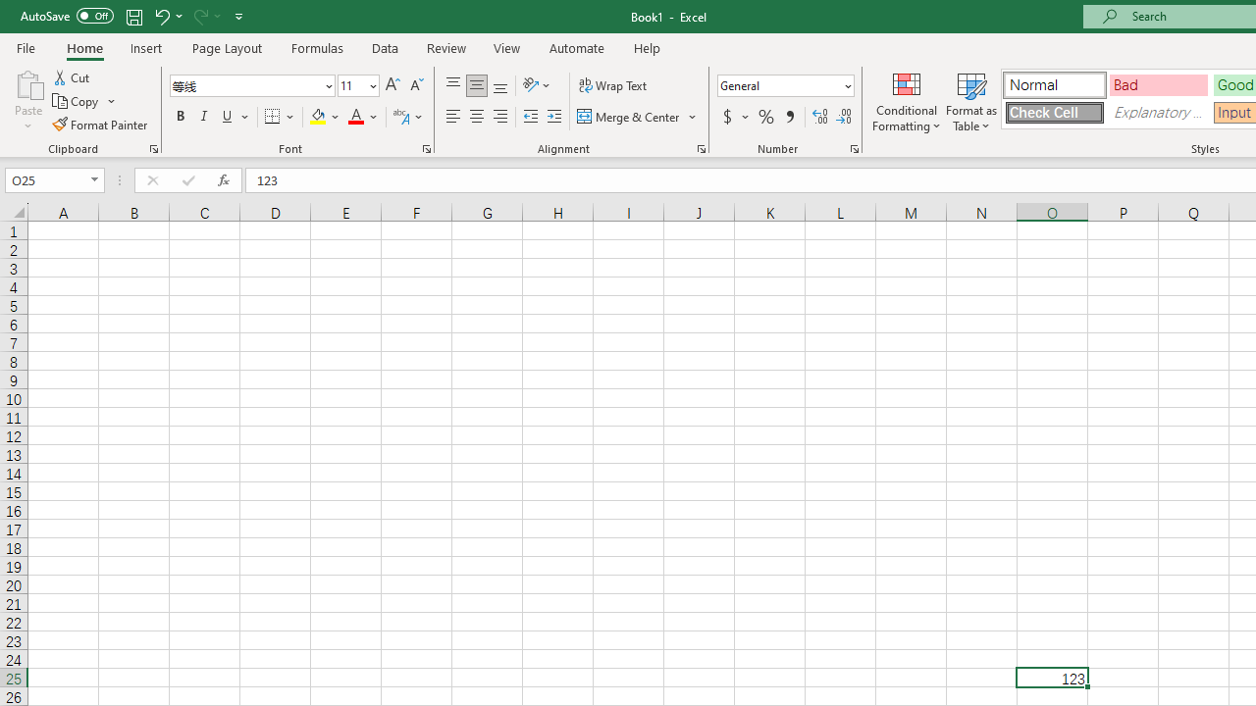  What do you see at coordinates (629, 117) in the screenshot?
I see `'Merge & Center'` at bounding box center [629, 117].